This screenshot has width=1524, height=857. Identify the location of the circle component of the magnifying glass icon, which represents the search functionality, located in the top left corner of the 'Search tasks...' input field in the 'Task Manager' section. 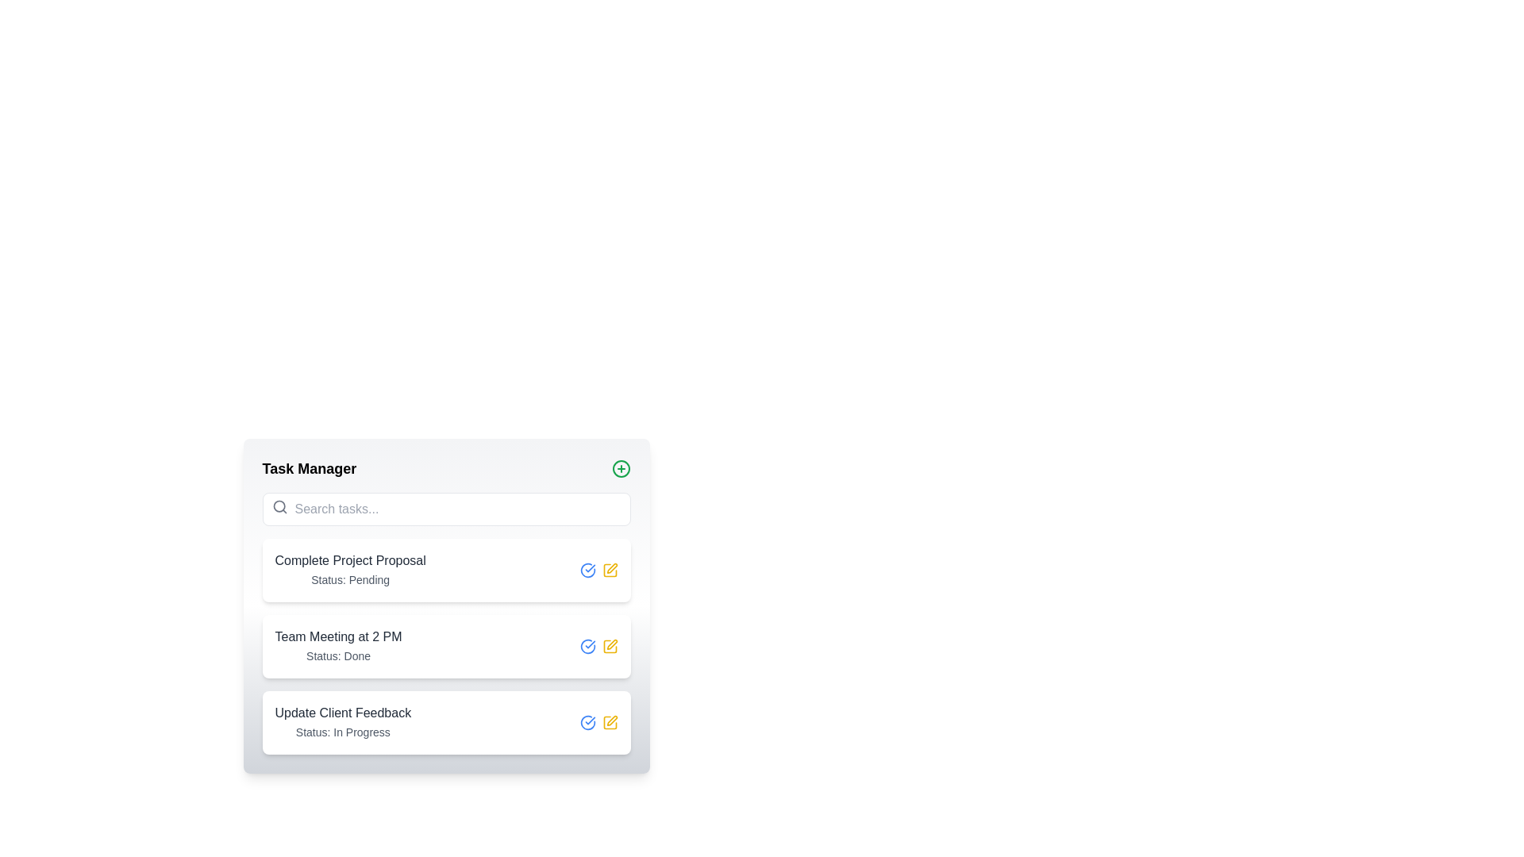
(279, 506).